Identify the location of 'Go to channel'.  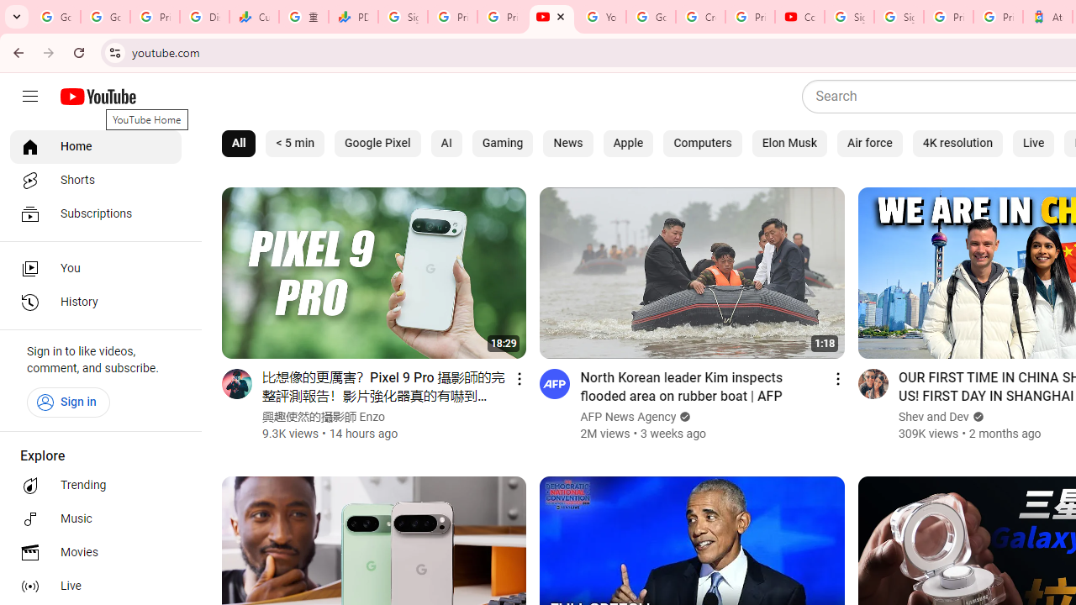
(873, 383).